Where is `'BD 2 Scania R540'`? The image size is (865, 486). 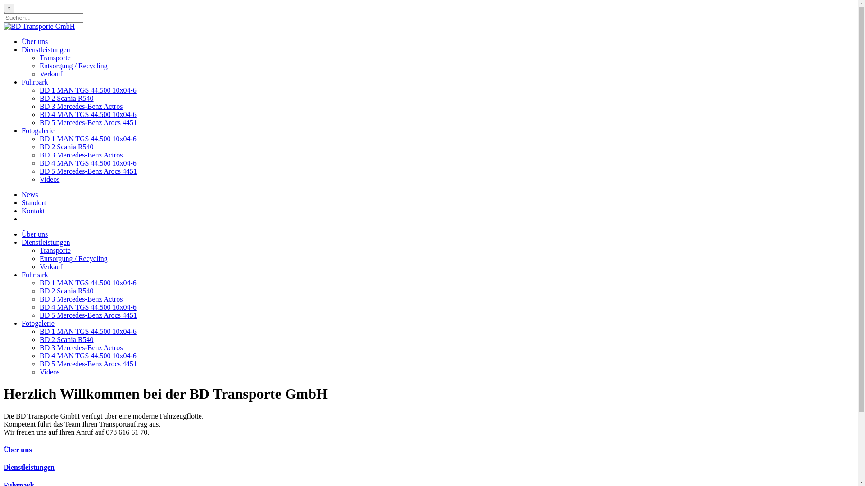 'BD 2 Scania R540' is located at coordinates (39, 291).